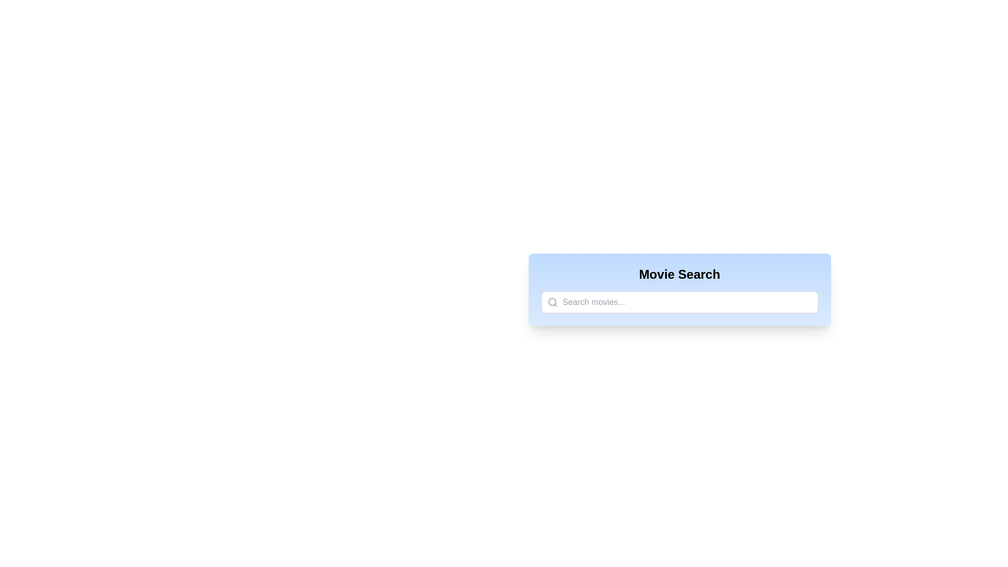  I want to click on the Text label that serves as a title or header for the enclosing interface module, which is positioned above a search bar and to the left of graphical icons, so click(679, 274).